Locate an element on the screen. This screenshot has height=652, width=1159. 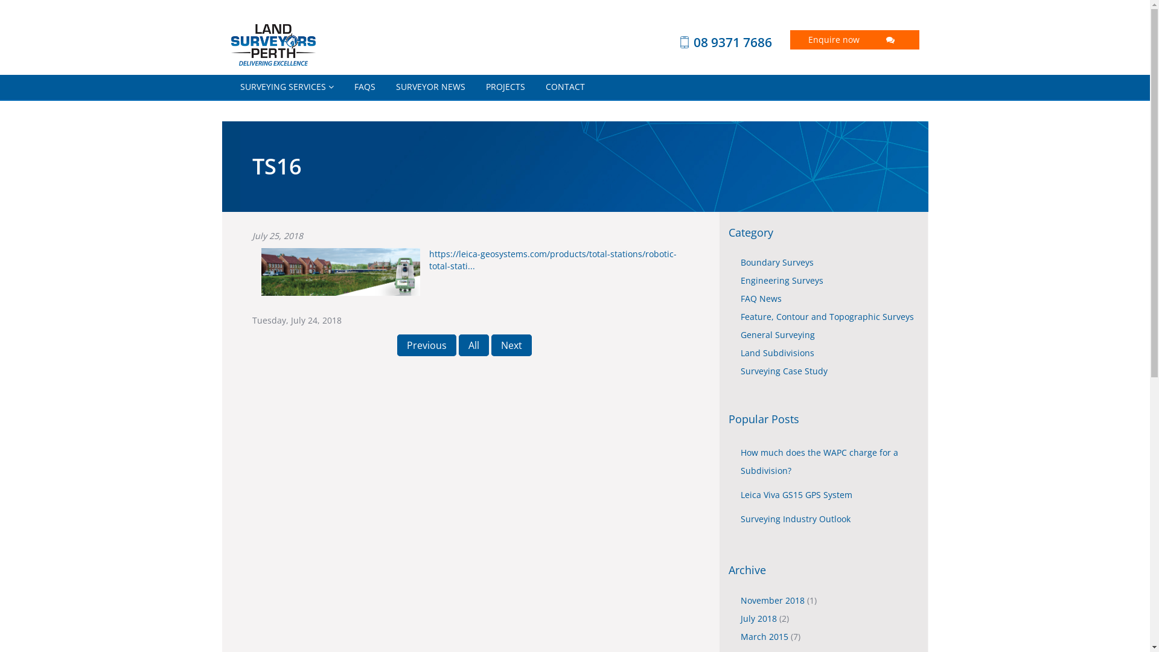
'08 9371 7686' is located at coordinates (707, 41).